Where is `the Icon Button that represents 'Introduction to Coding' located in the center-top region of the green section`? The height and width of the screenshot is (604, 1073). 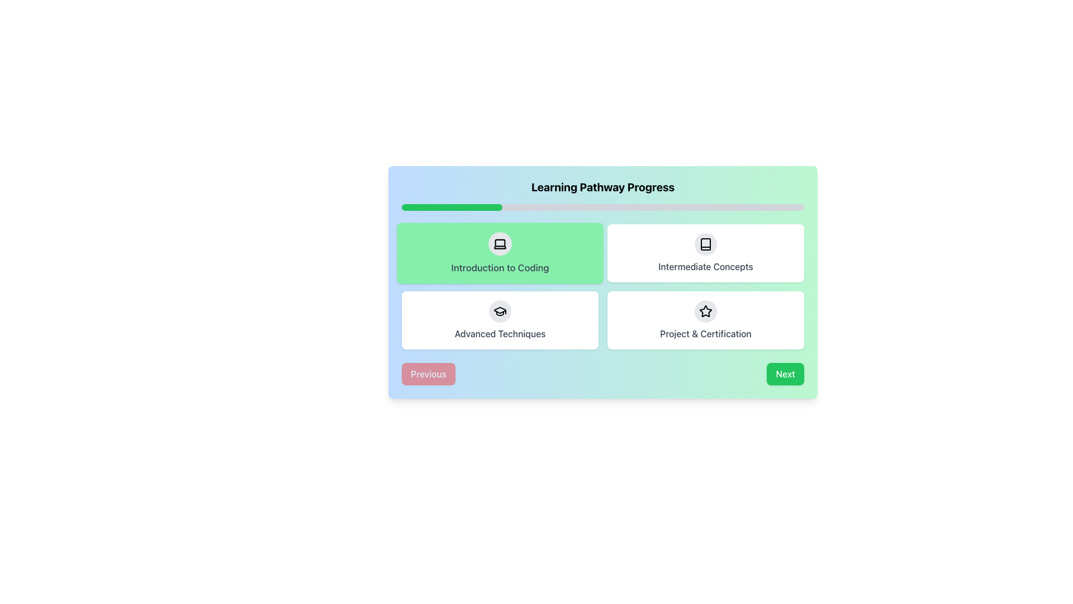 the Icon Button that represents 'Introduction to Coding' located in the center-top region of the green section is located at coordinates (499, 243).